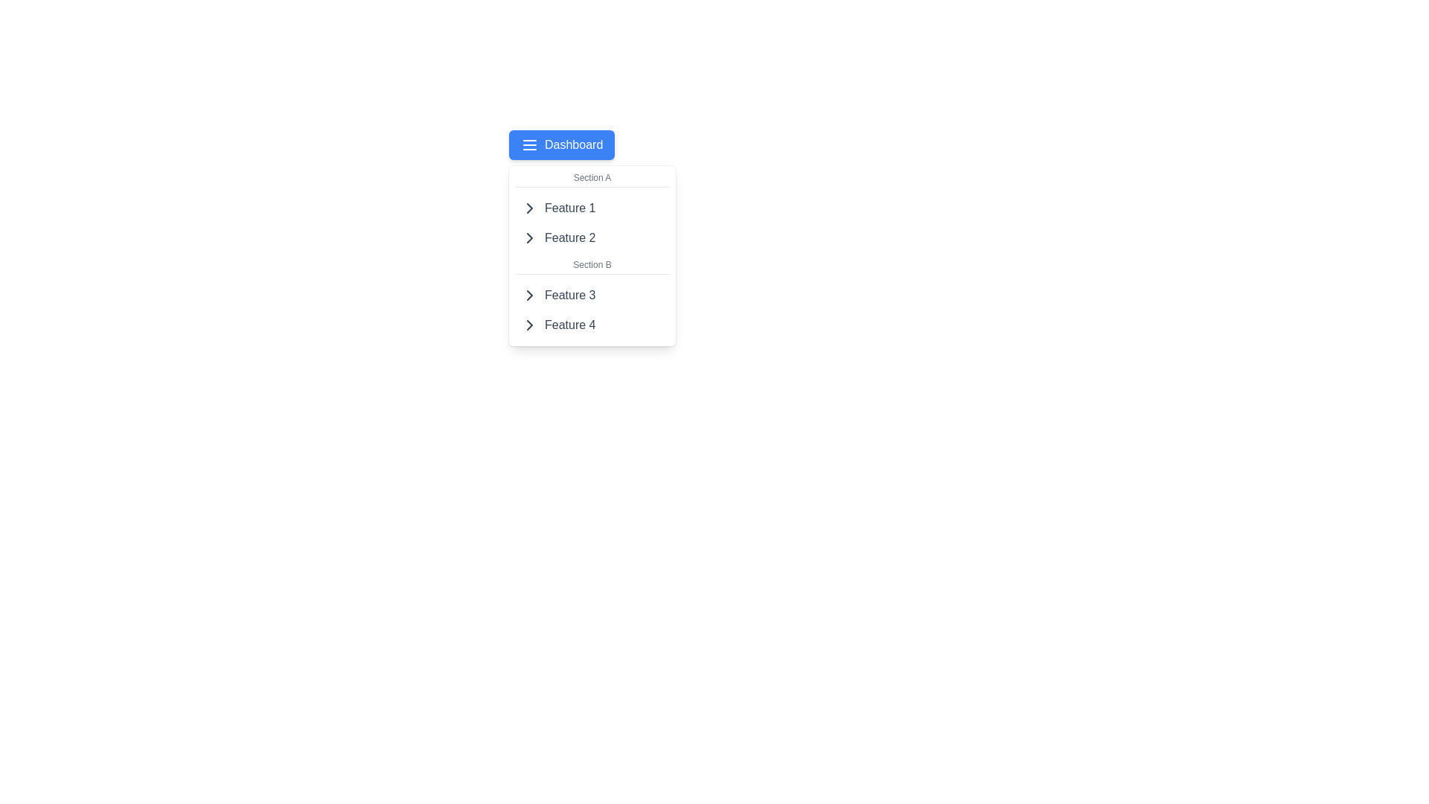 The width and height of the screenshot is (1429, 804). I want to click on the Chevron indicator icon located at the leftmost position of 'Feature 1', so click(529, 208).